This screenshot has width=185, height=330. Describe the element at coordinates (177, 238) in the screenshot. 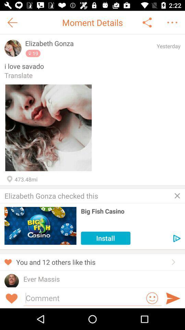

I see `click on advertisement` at that location.